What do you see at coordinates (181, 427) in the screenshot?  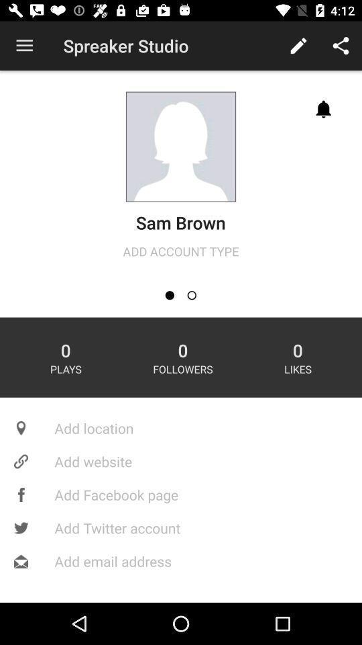 I see `the icon above the add website` at bounding box center [181, 427].